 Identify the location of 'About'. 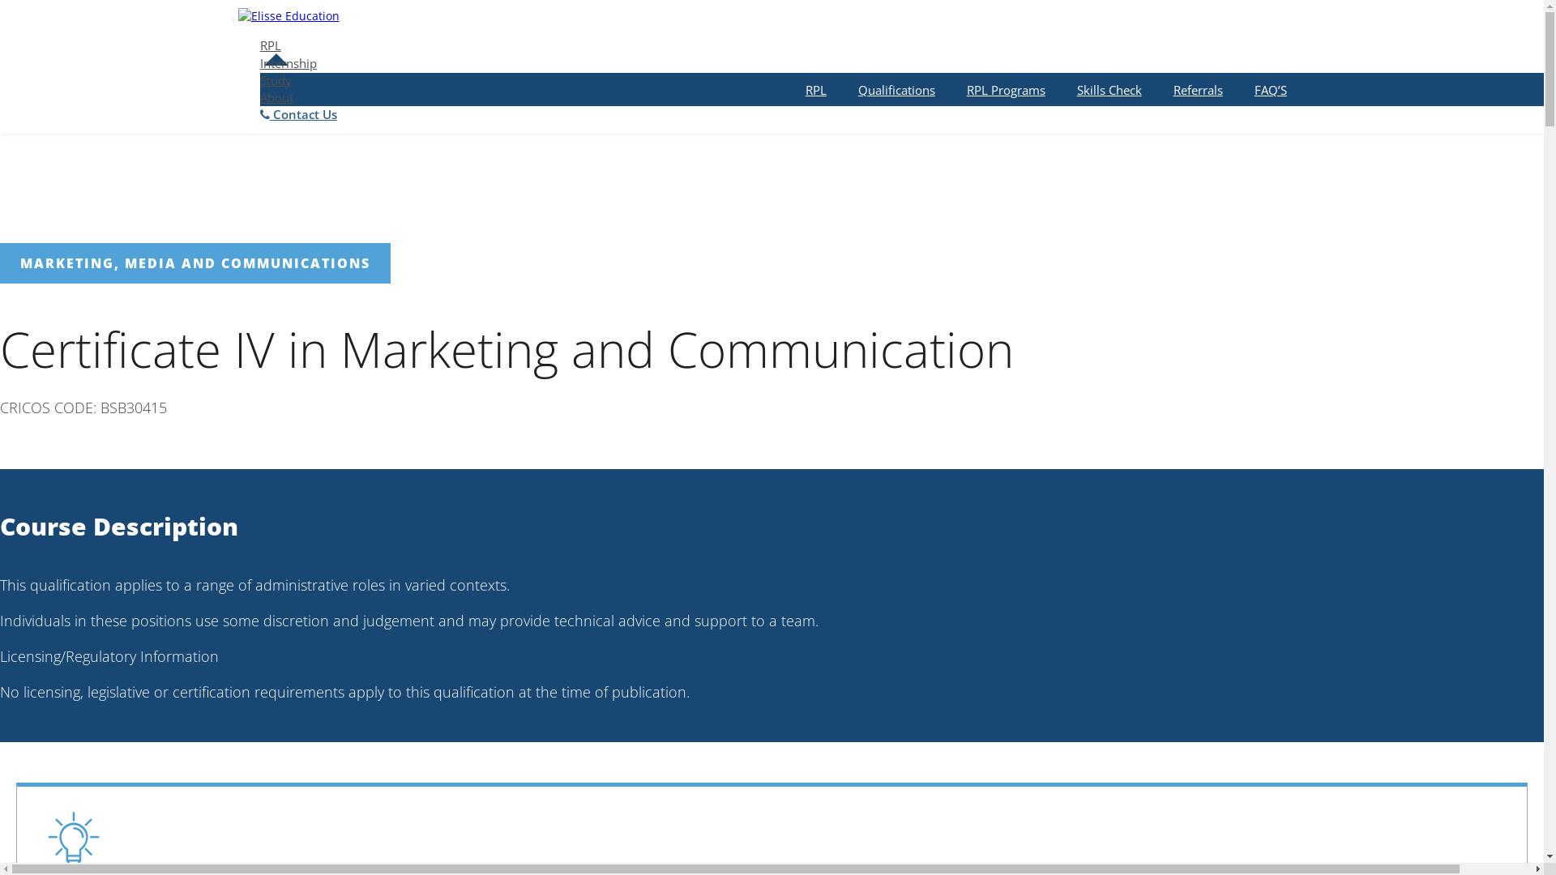
(260, 96).